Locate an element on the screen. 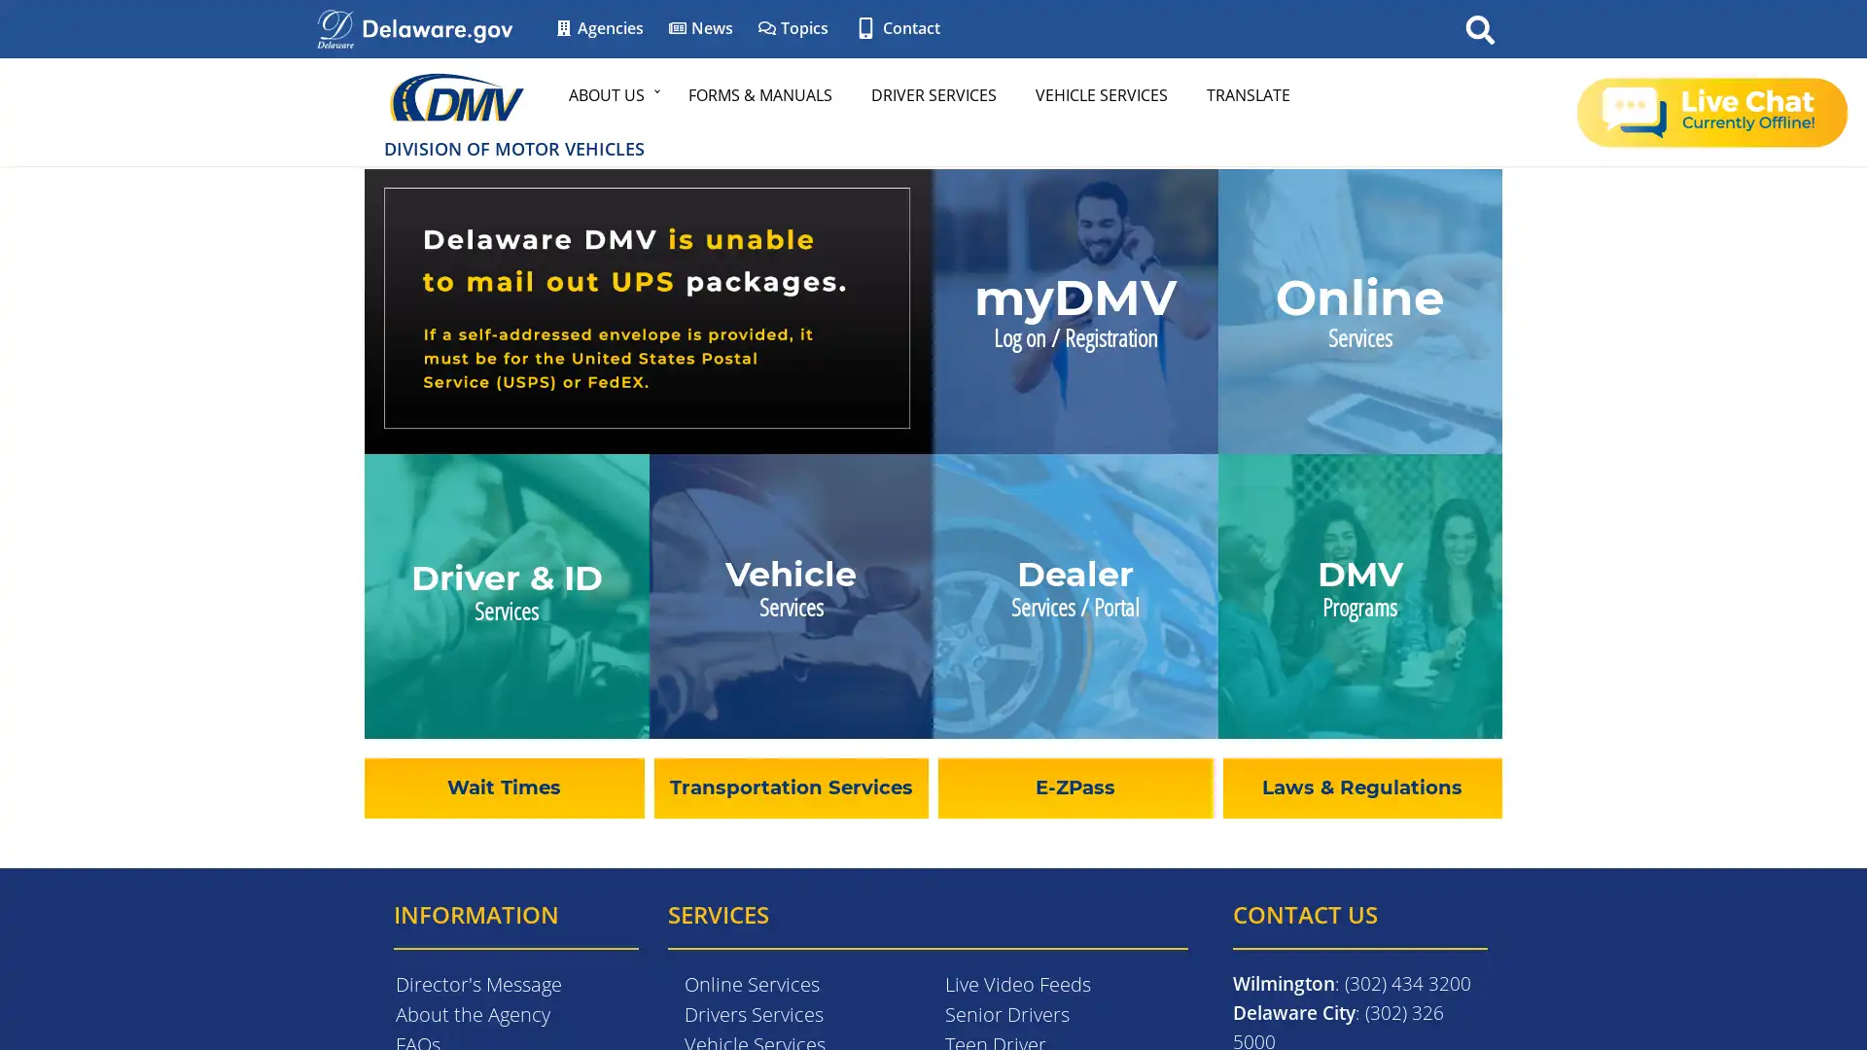 This screenshot has width=1867, height=1050. Search is located at coordinates (1479, 28).